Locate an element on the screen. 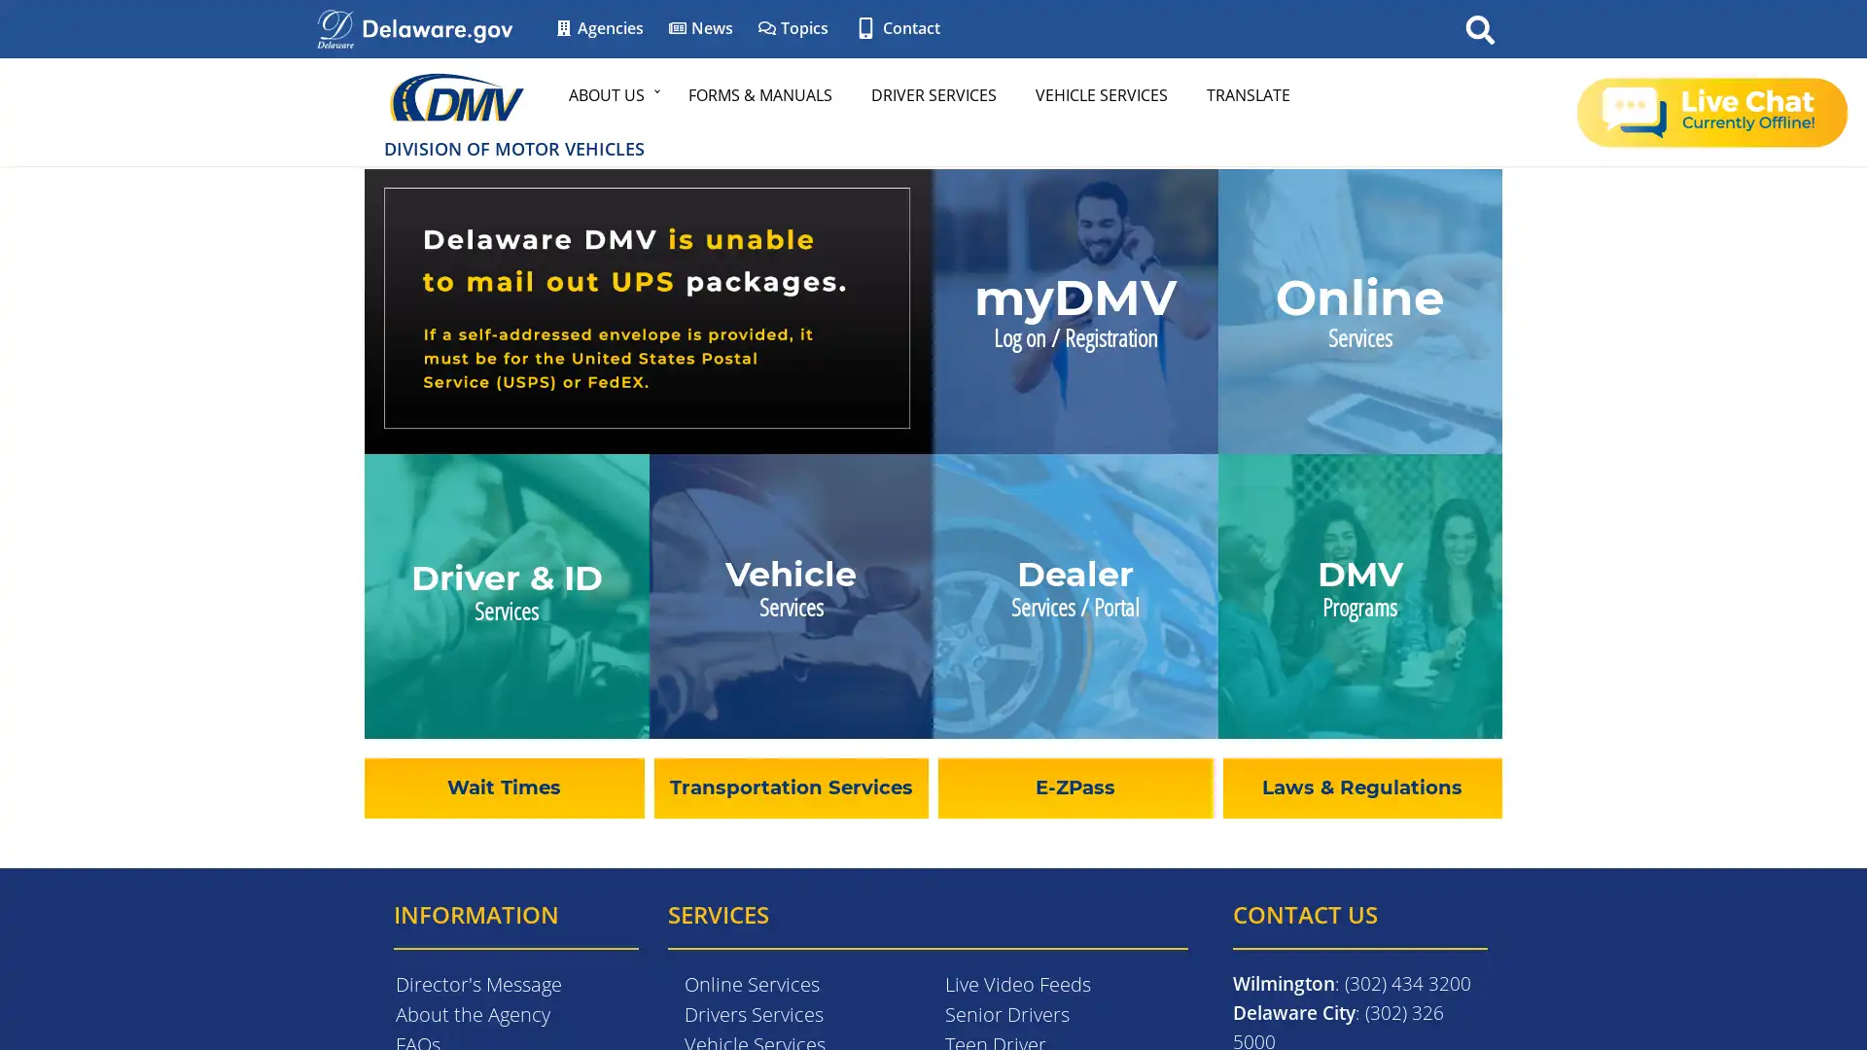 This screenshot has width=1867, height=1050. Search is located at coordinates (1479, 28).